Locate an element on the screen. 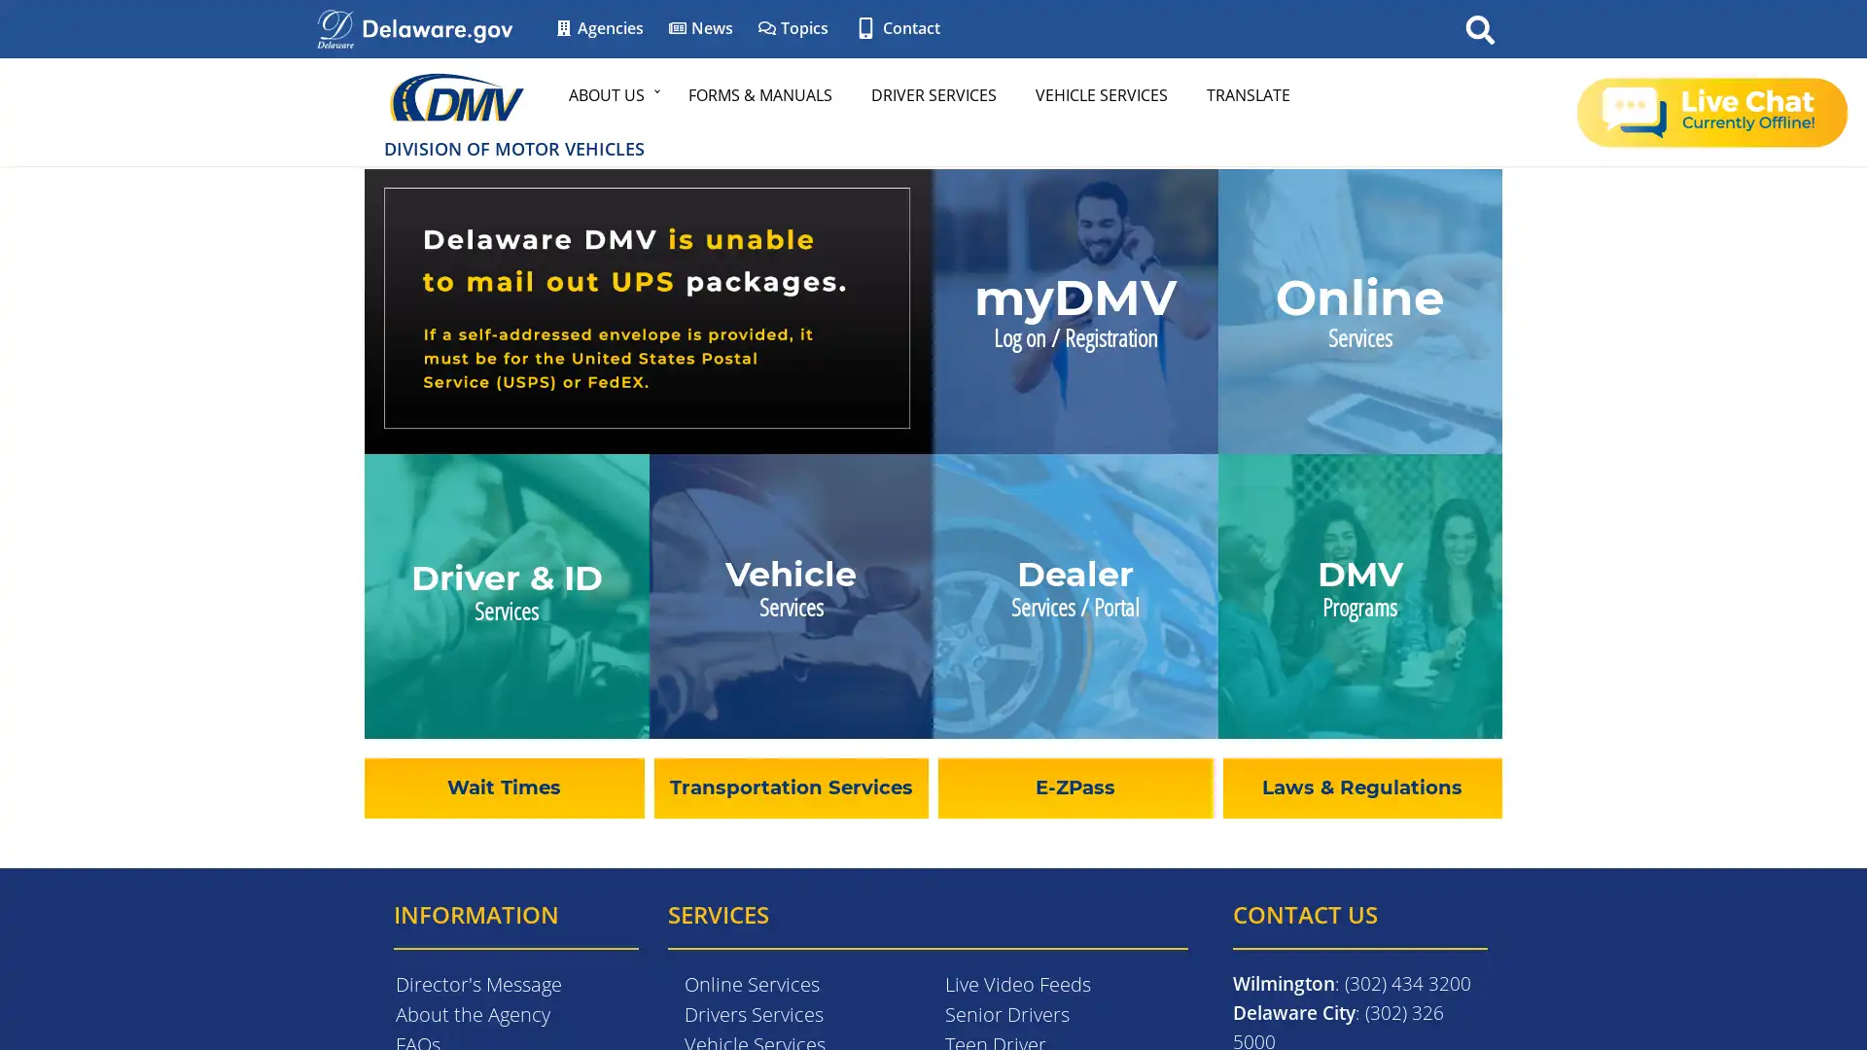 This screenshot has width=1867, height=1050. Search is located at coordinates (1479, 28).